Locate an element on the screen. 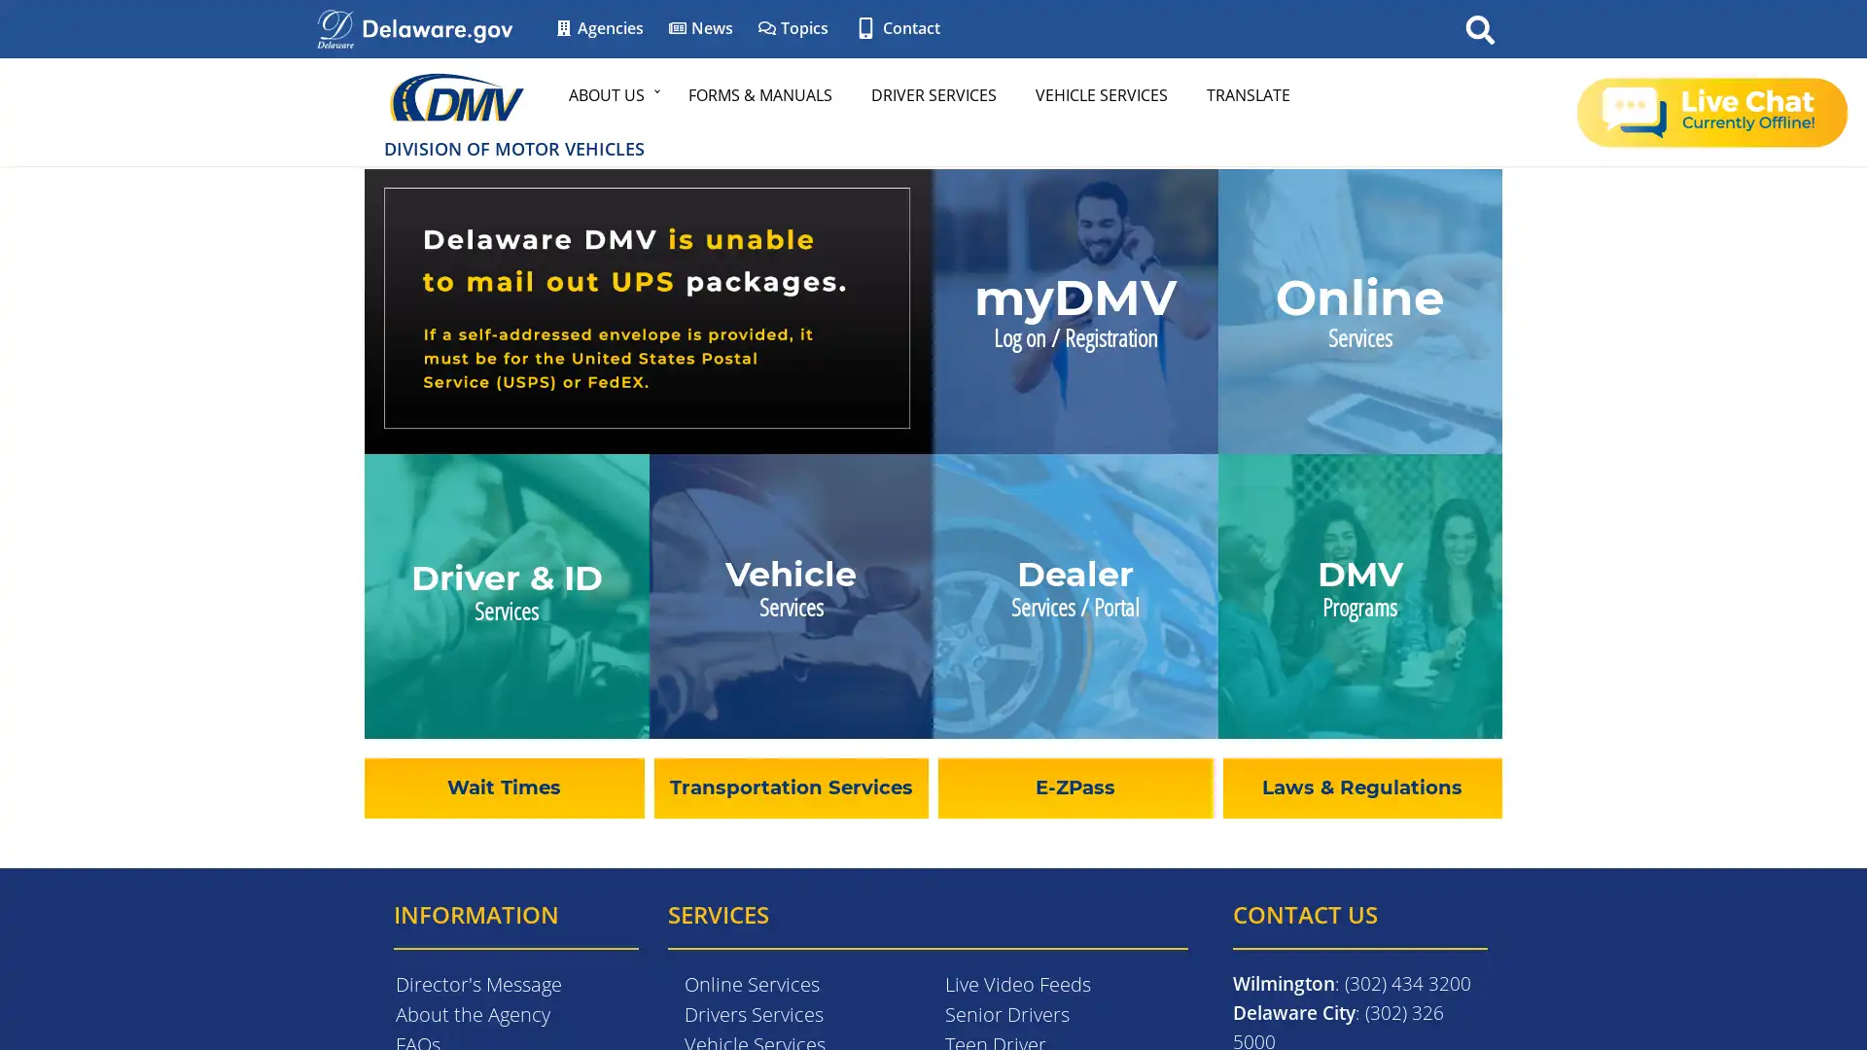 This screenshot has width=1867, height=1050. Search is located at coordinates (1479, 28).